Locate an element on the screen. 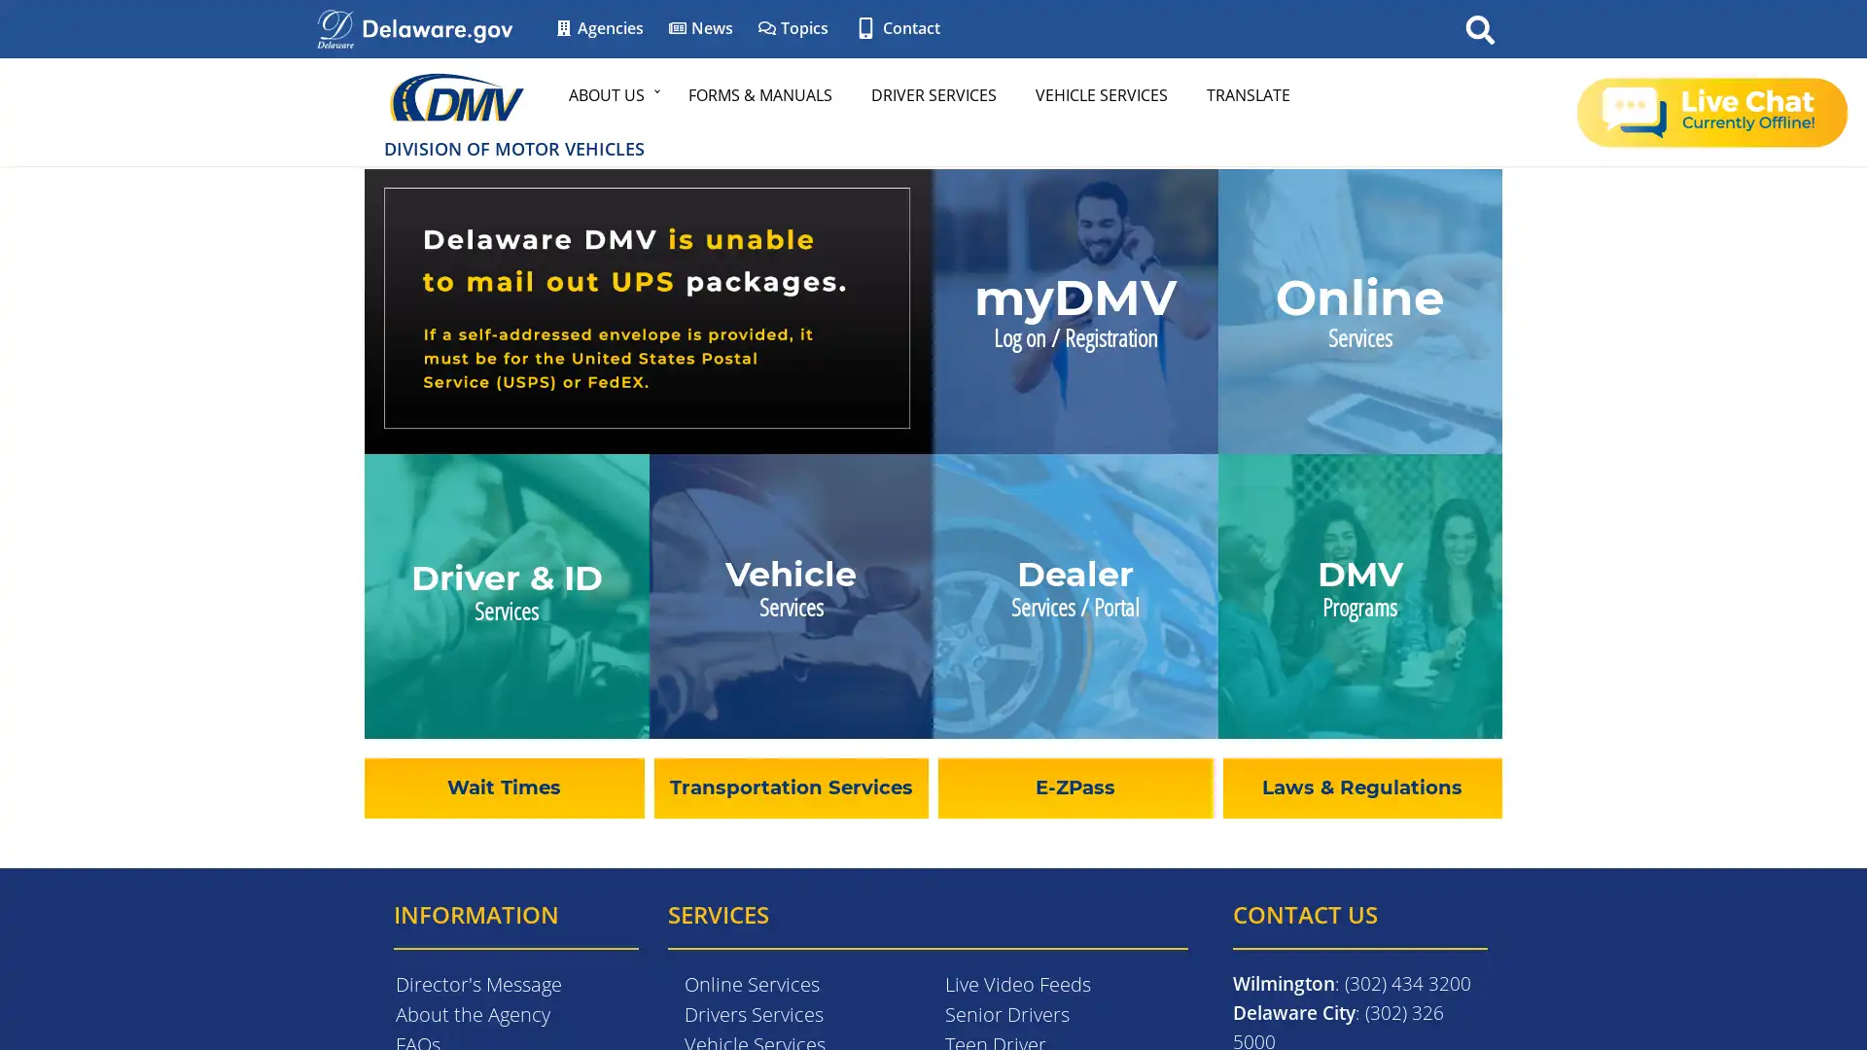 This screenshot has width=1867, height=1050. Search is located at coordinates (1479, 28).